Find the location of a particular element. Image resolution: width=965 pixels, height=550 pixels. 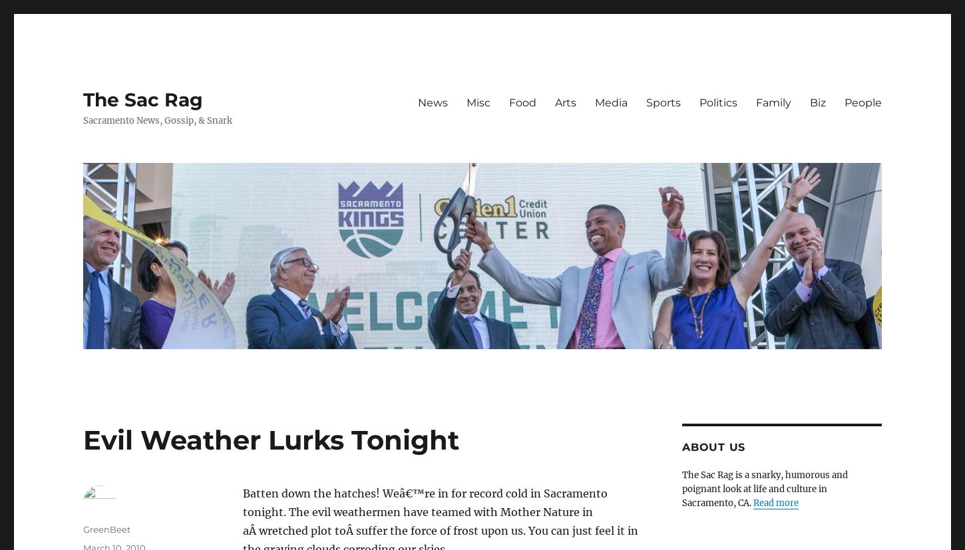

'Read more' is located at coordinates (775, 502).